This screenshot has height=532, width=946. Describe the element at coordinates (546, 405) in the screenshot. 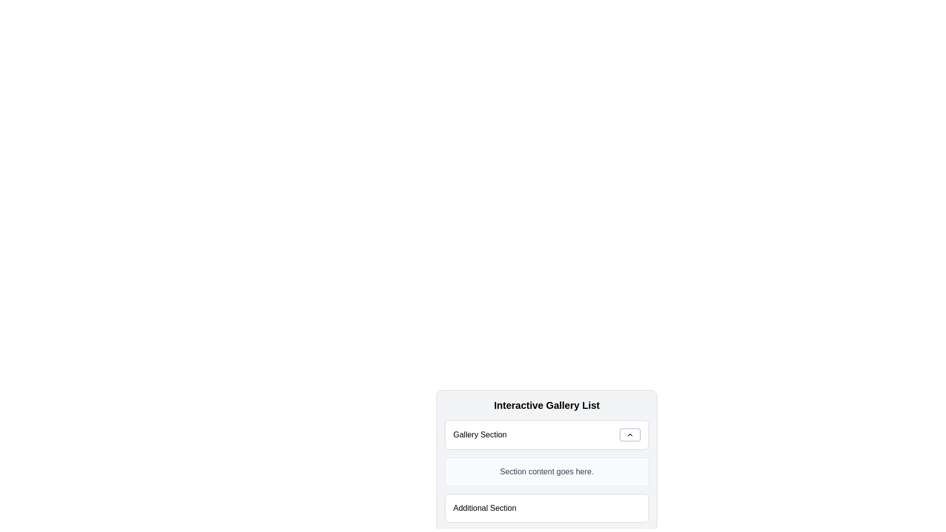

I see `the text label that reads 'Interactive Gallery List'` at that location.